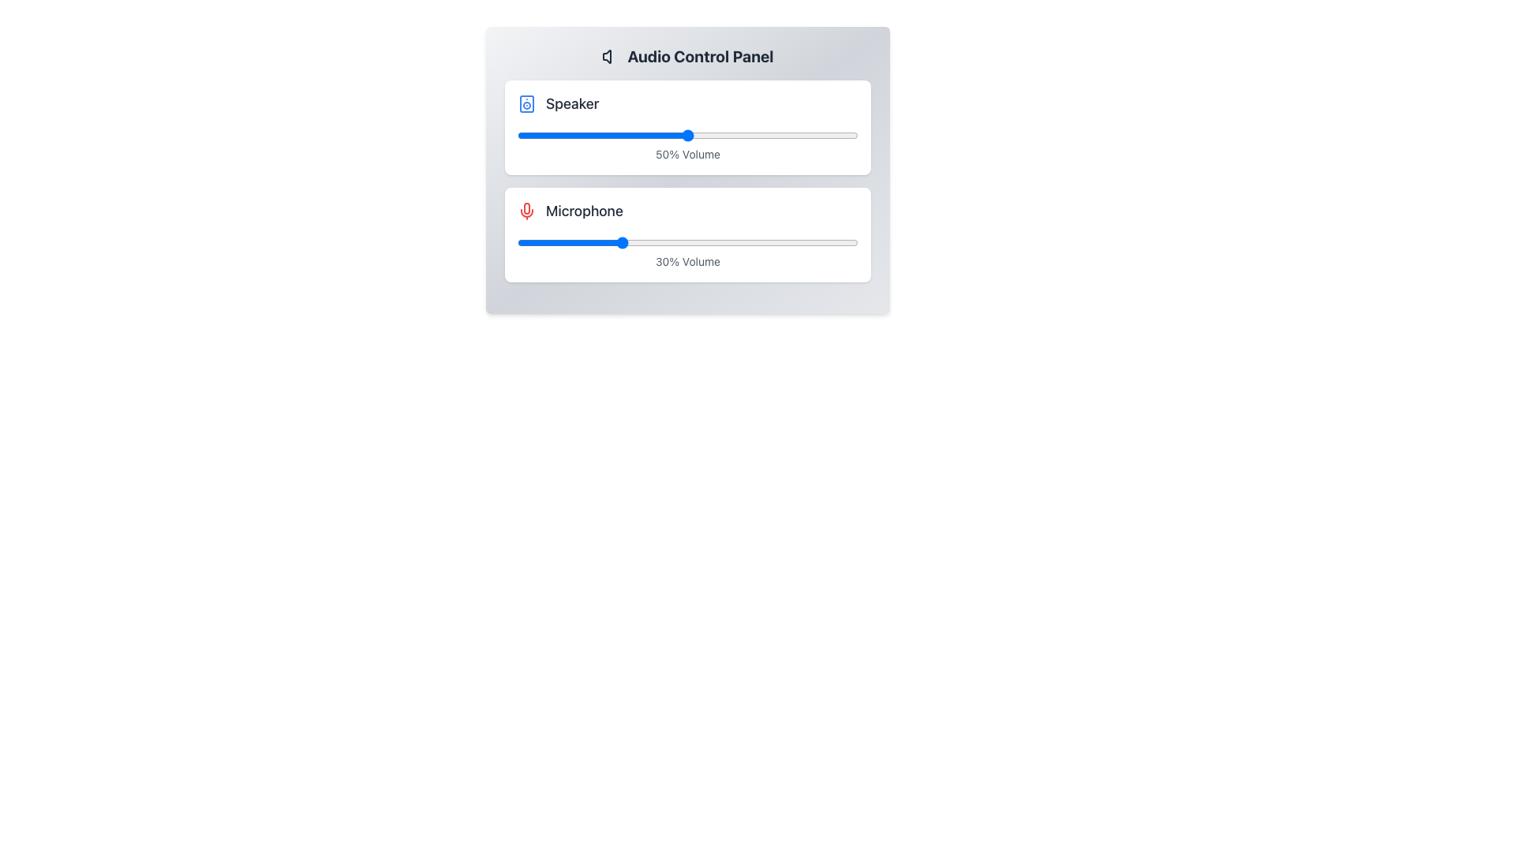  What do you see at coordinates (555, 135) in the screenshot?
I see `the slider value` at bounding box center [555, 135].